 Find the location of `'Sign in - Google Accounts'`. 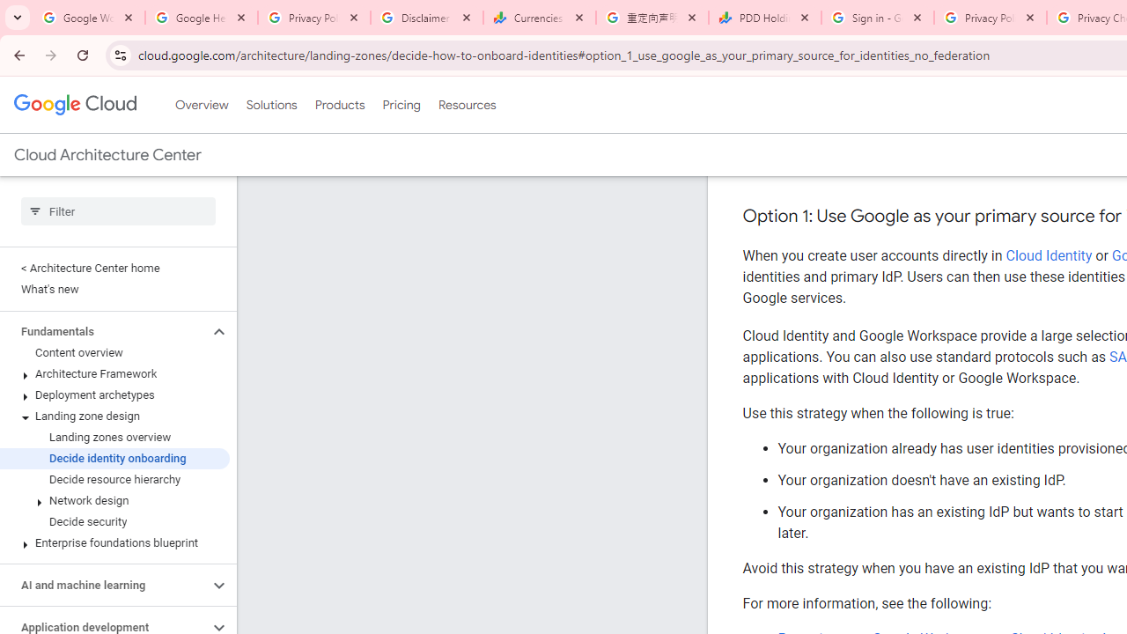

'Sign in - Google Accounts' is located at coordinates (878, 18).